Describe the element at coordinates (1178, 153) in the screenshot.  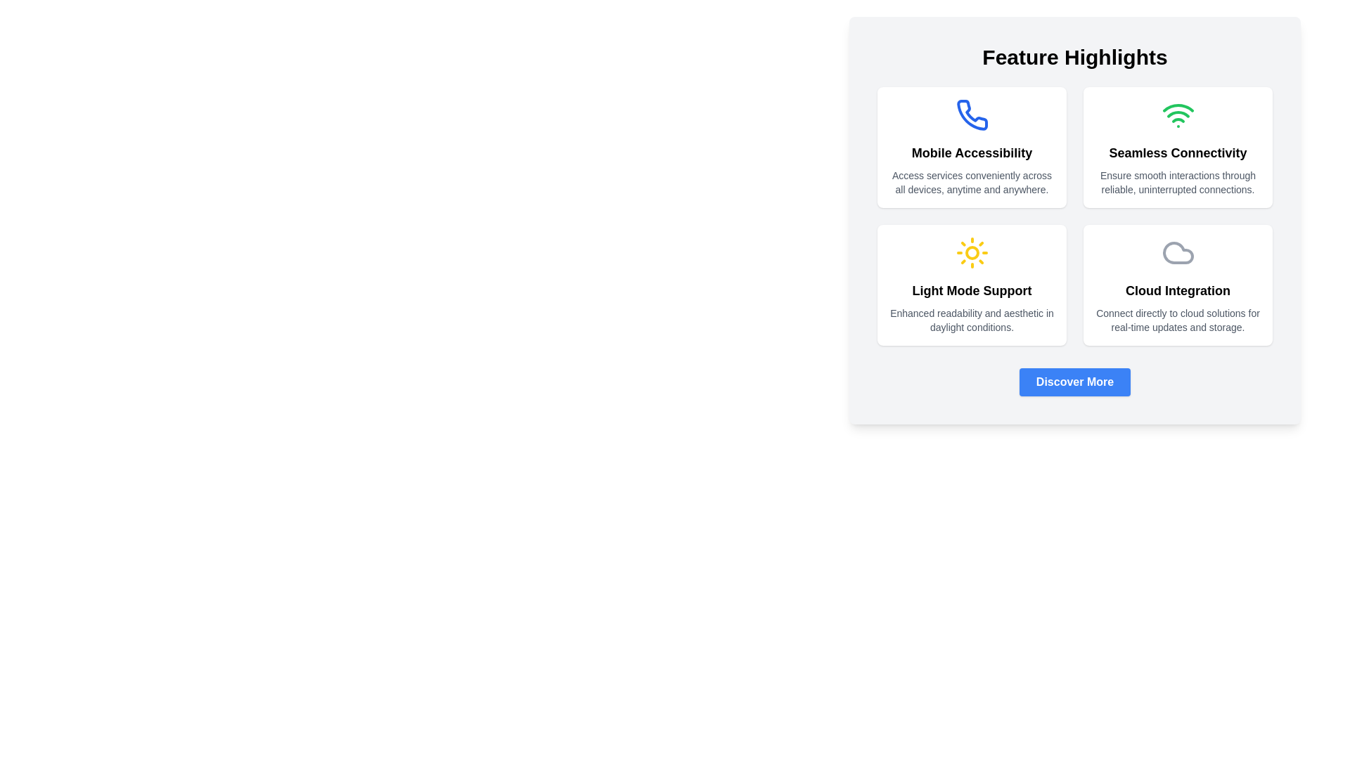
I see `the text label reading 'Seamless Connectivity', which is styled with bold and larger font, located in the top-right cell of the grid under 'Feature Highlights'` at that location.